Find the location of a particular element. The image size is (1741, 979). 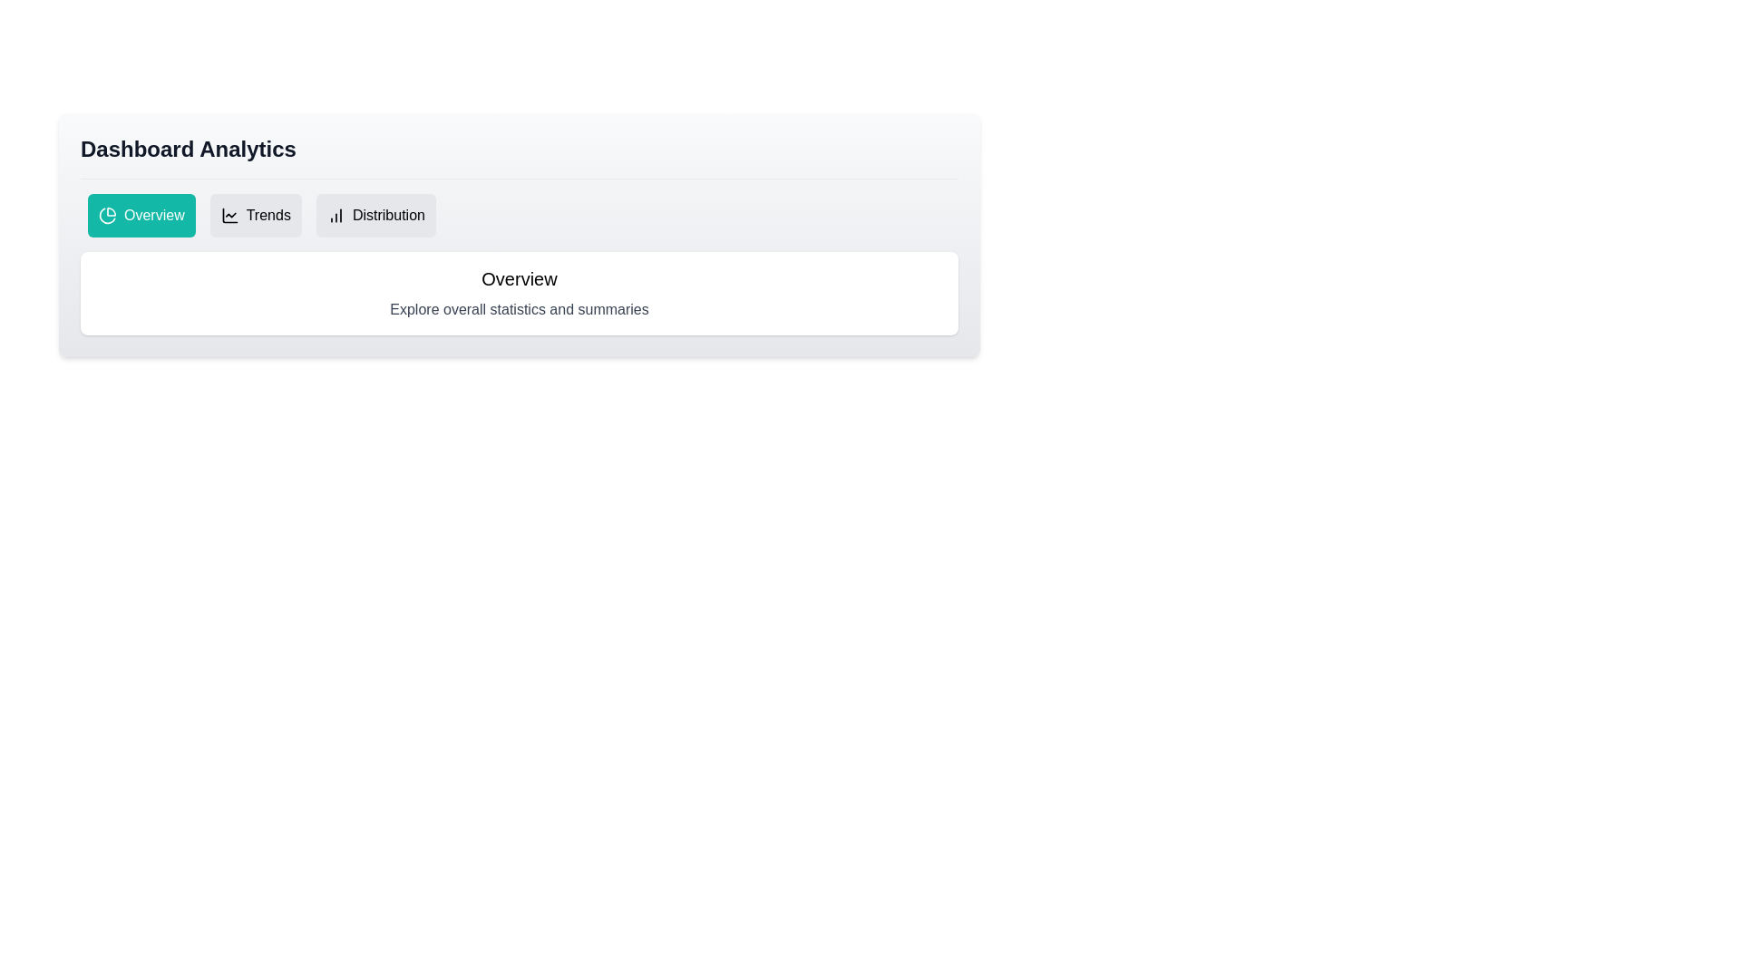

the Overview tab by clicking on its respective button is located at coordinates (141, 215).